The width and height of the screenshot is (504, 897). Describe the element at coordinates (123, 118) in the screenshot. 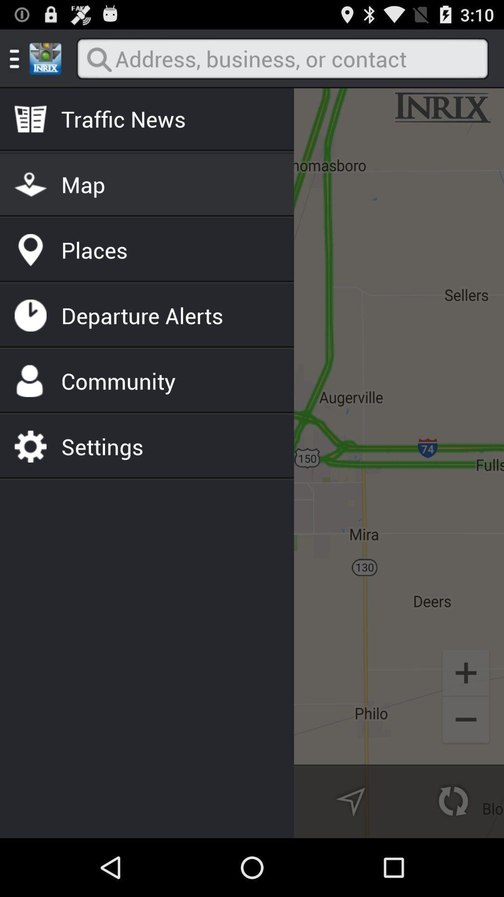

I see `the traffic news icon` at that location.